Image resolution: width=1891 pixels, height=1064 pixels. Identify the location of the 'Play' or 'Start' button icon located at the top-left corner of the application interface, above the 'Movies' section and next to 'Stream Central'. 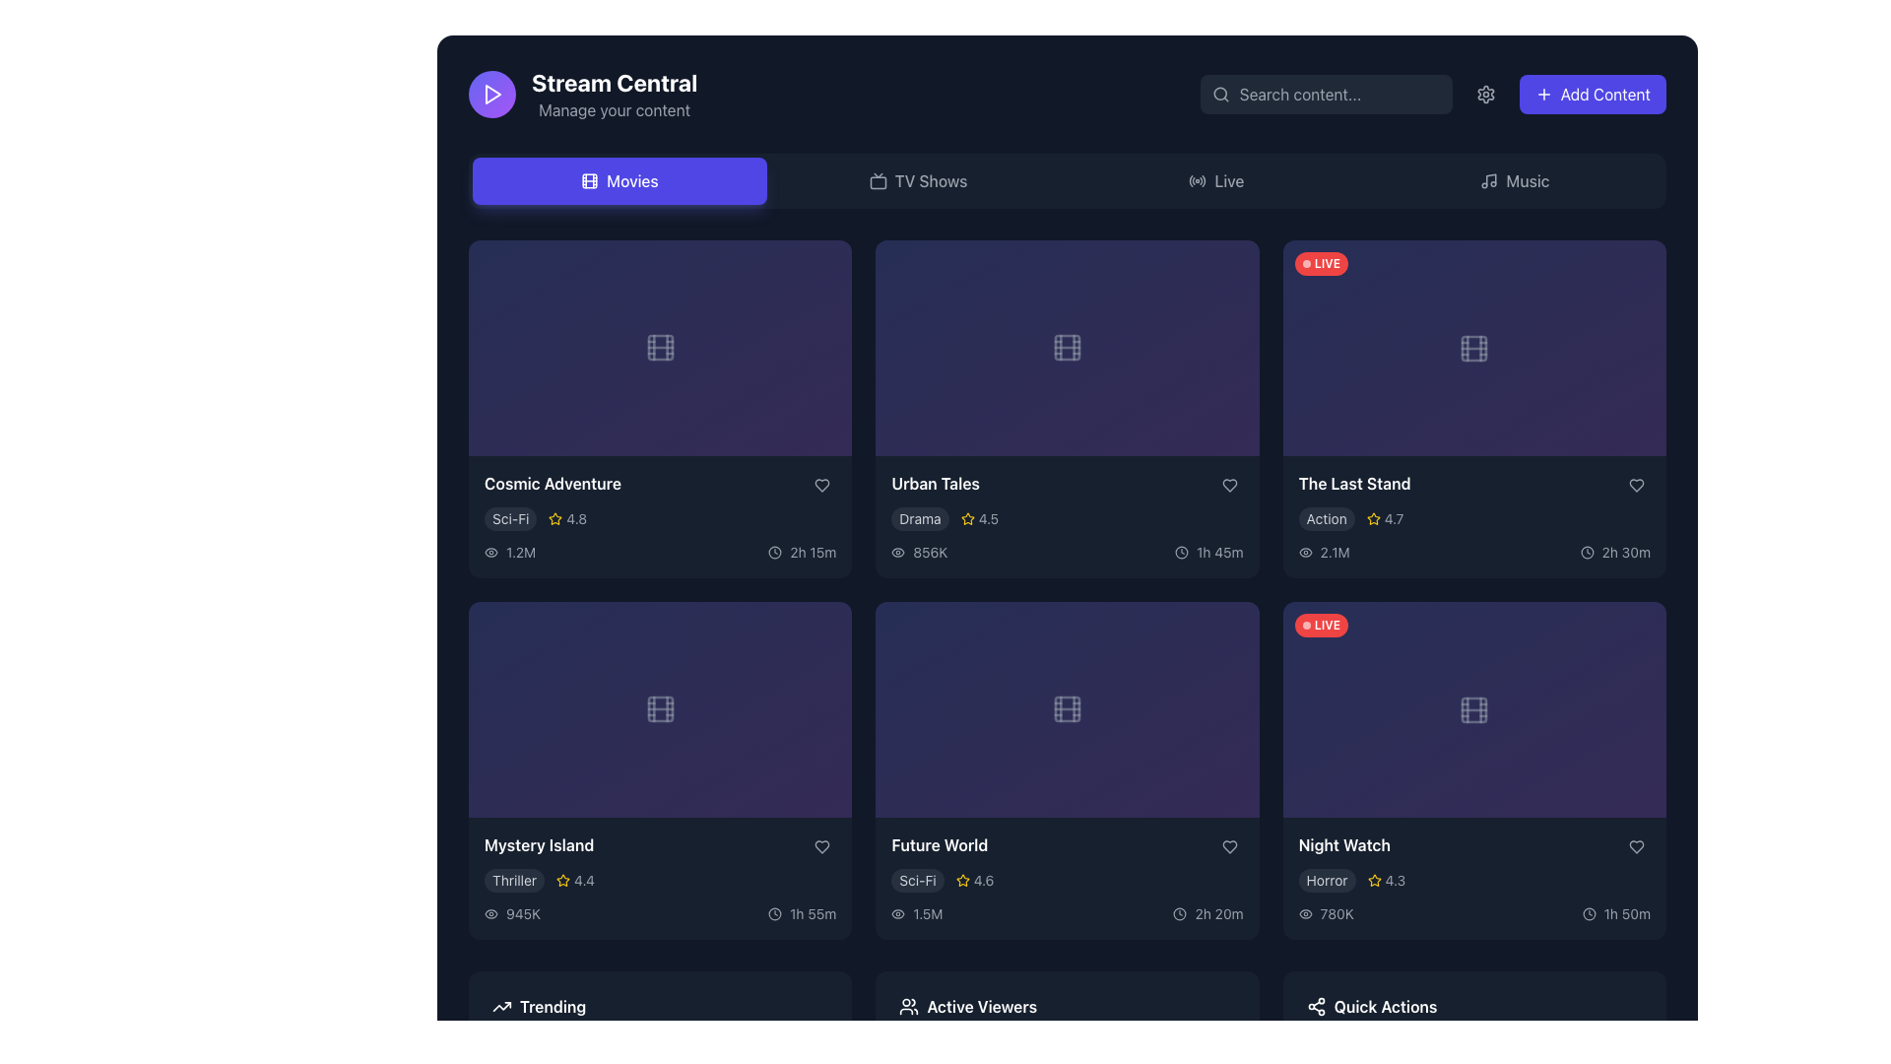
(491, 95).